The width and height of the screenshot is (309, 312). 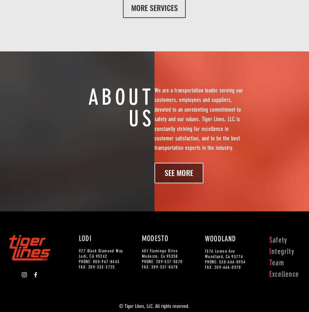 I want to click on 'SEE MORE', so click(x=179, y=173).